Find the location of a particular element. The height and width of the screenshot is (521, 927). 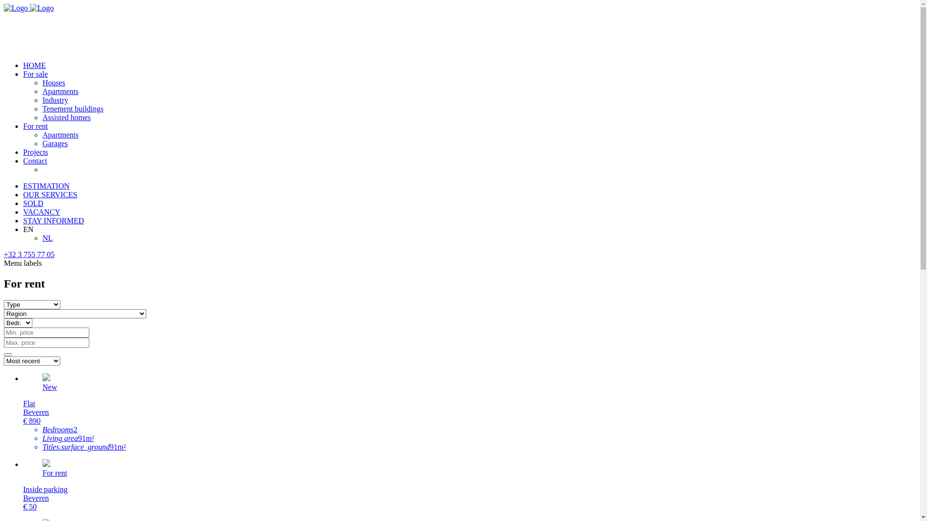

'Industry' is located at coordinates (55, 100).